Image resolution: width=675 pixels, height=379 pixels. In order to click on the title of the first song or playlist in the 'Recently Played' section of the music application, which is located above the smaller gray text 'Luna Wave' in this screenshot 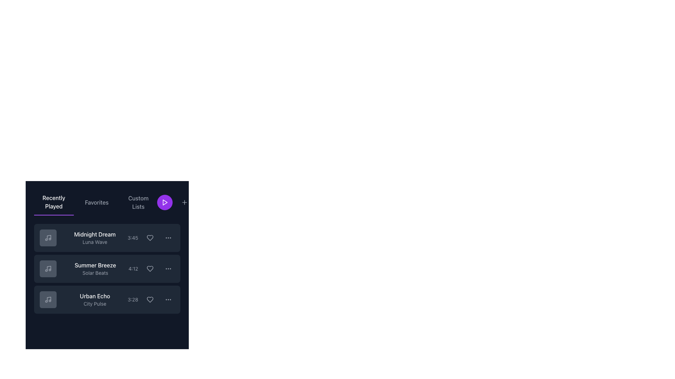, I will do `click(94, 234)`.